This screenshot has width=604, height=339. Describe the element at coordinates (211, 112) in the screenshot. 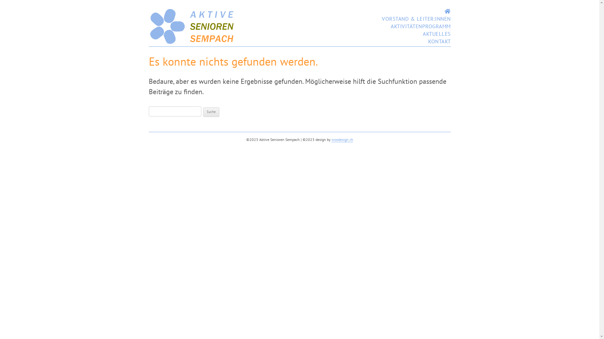

I see `'Suche'` at that location.